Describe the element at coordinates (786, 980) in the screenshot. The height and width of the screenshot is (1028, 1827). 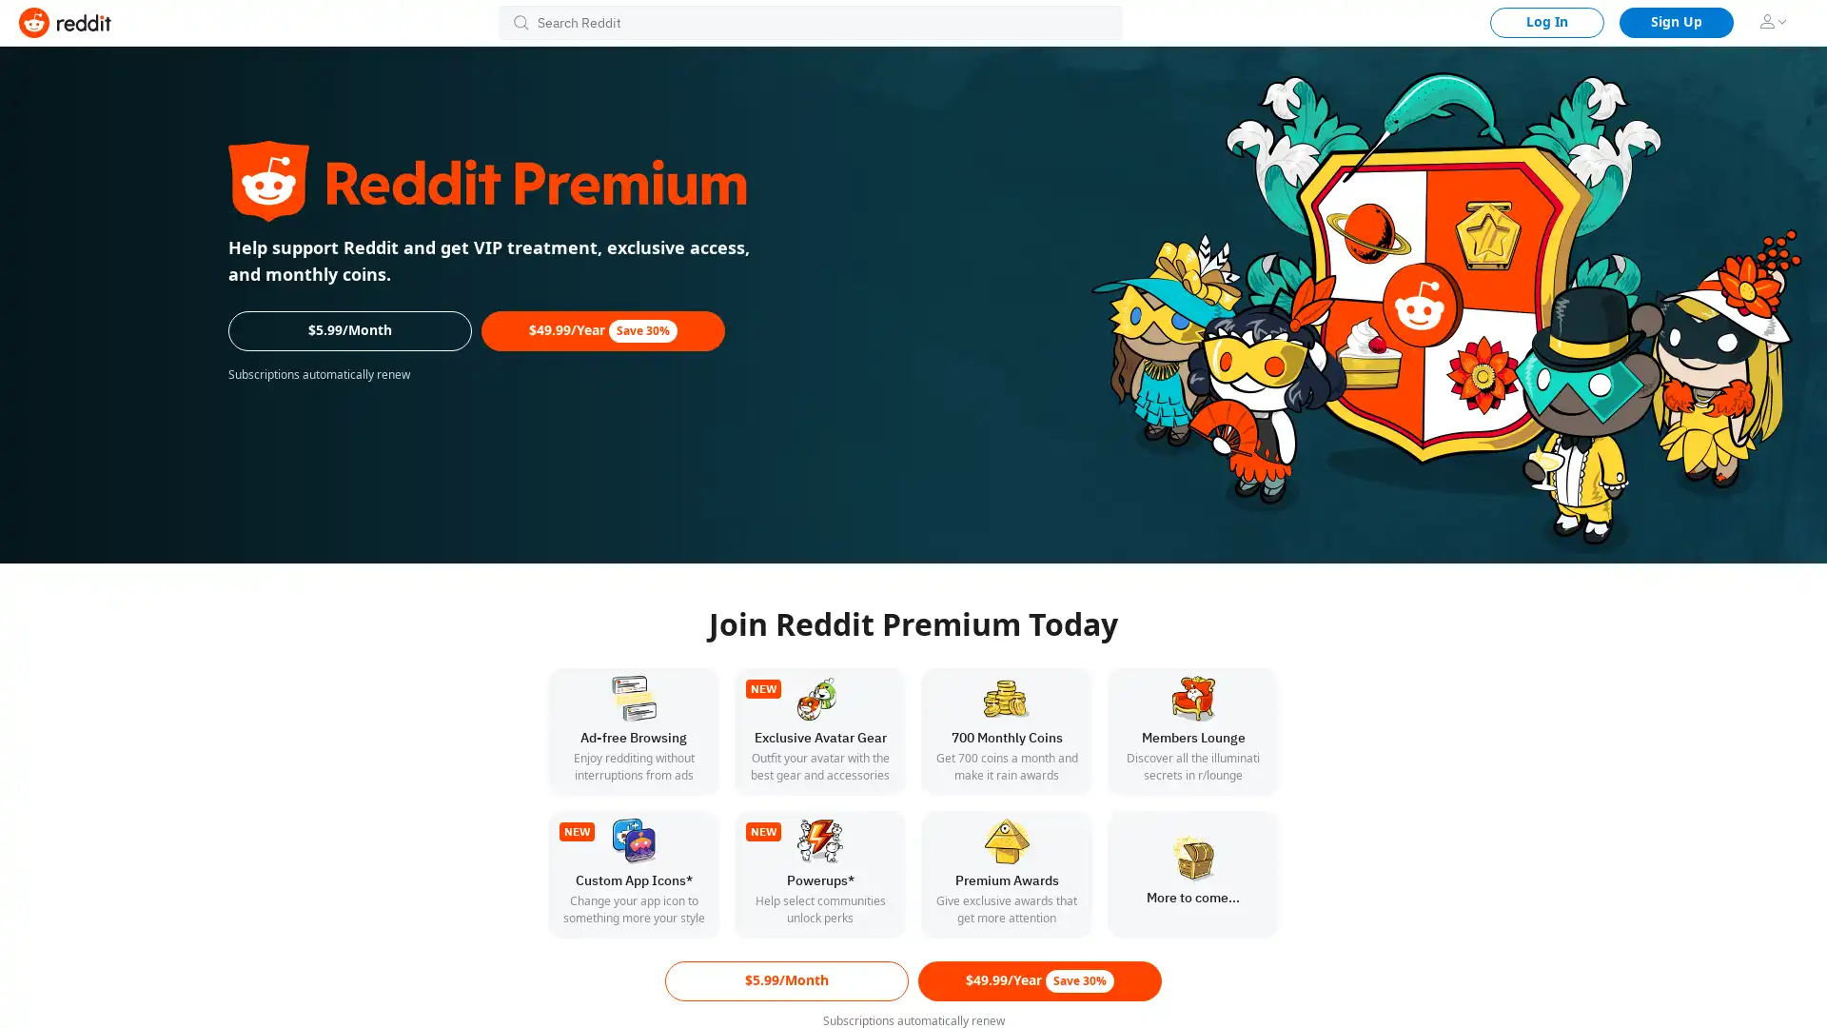
I see `$5.99/Month` at that location.